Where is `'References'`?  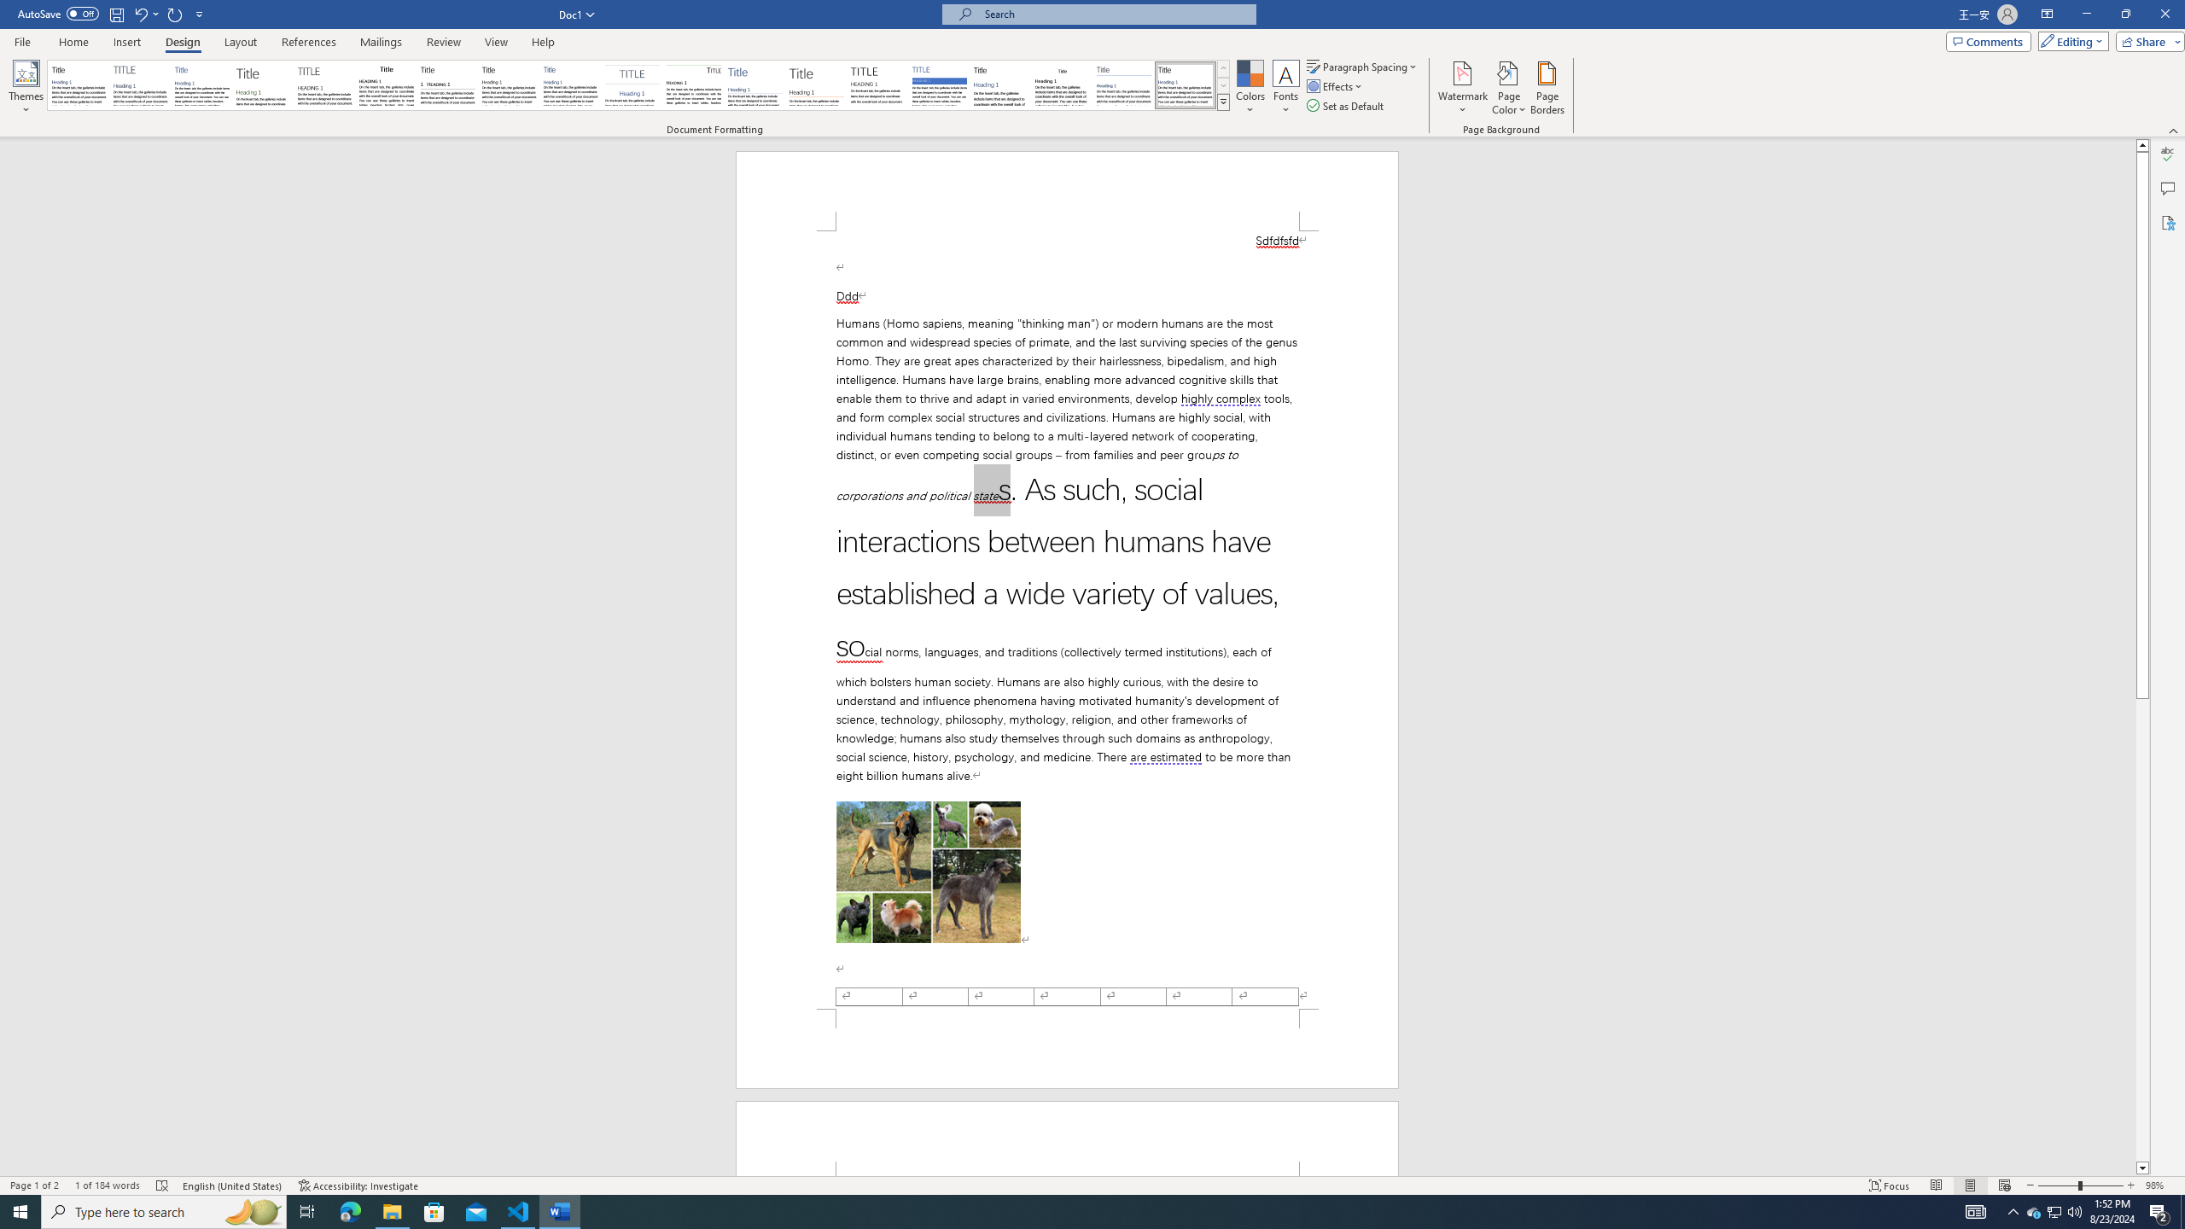 'References' is located at coordinates (309, 42).